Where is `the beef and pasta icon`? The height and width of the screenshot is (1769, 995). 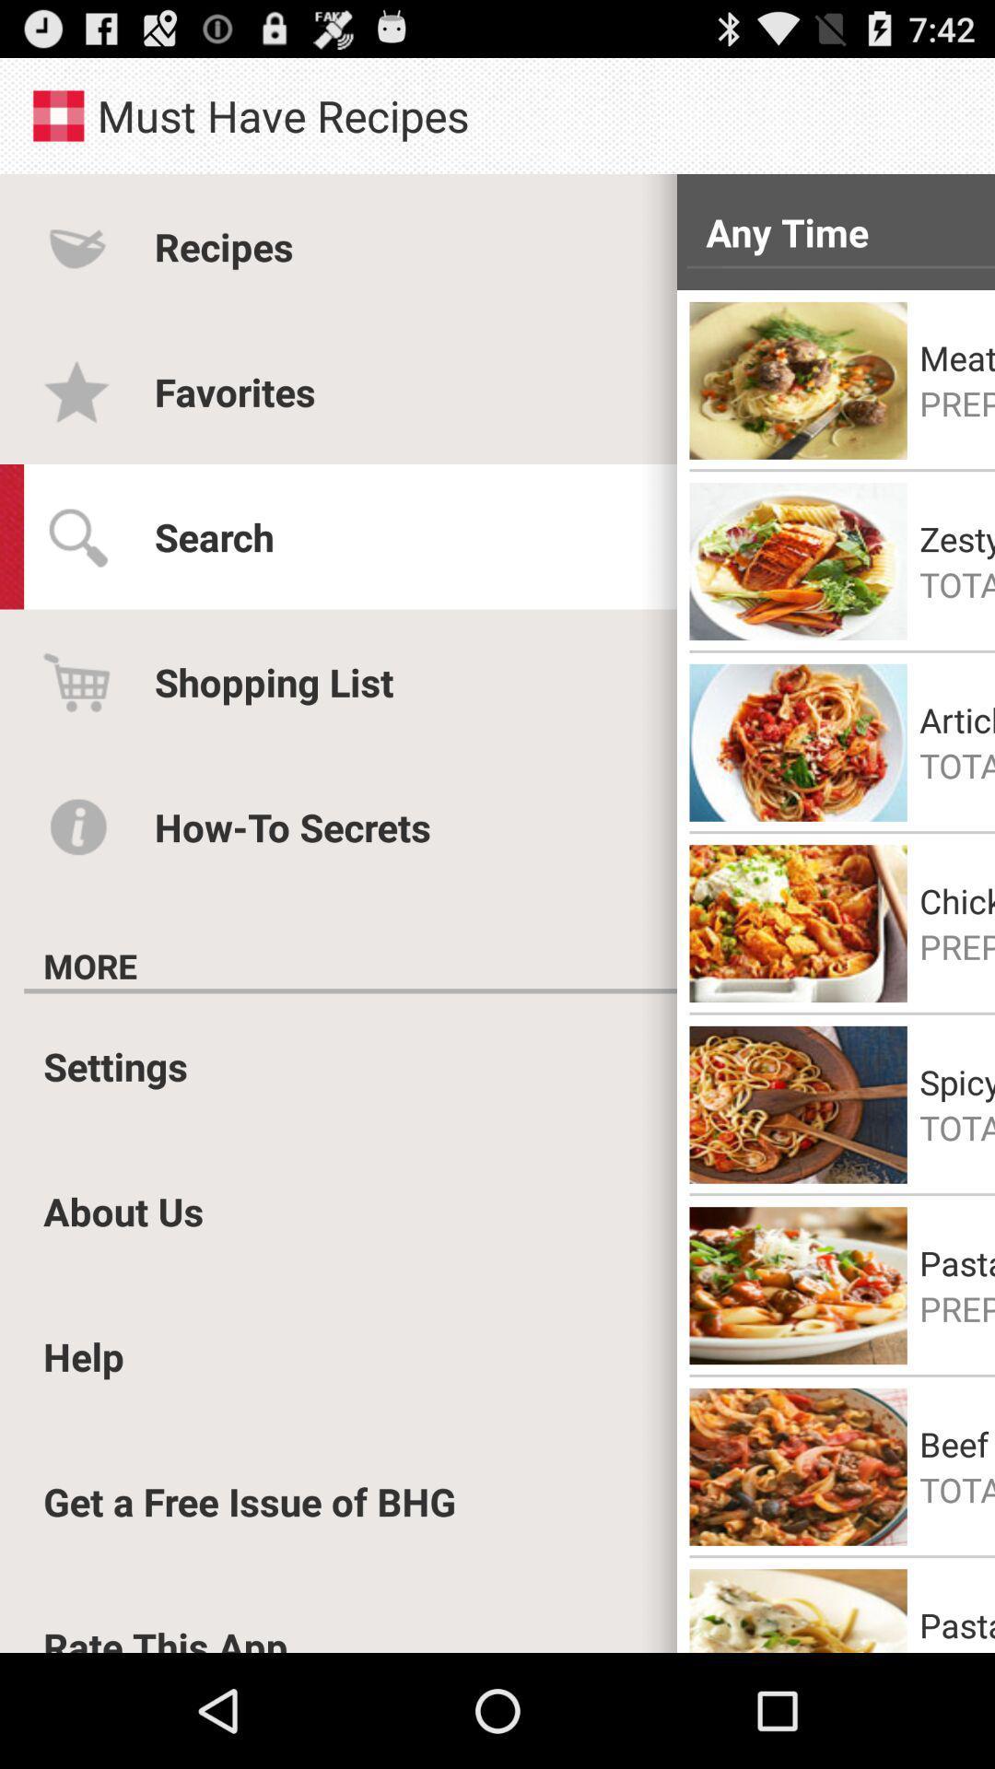
the beef and pasta icon is located at coordinates (956, 1443).